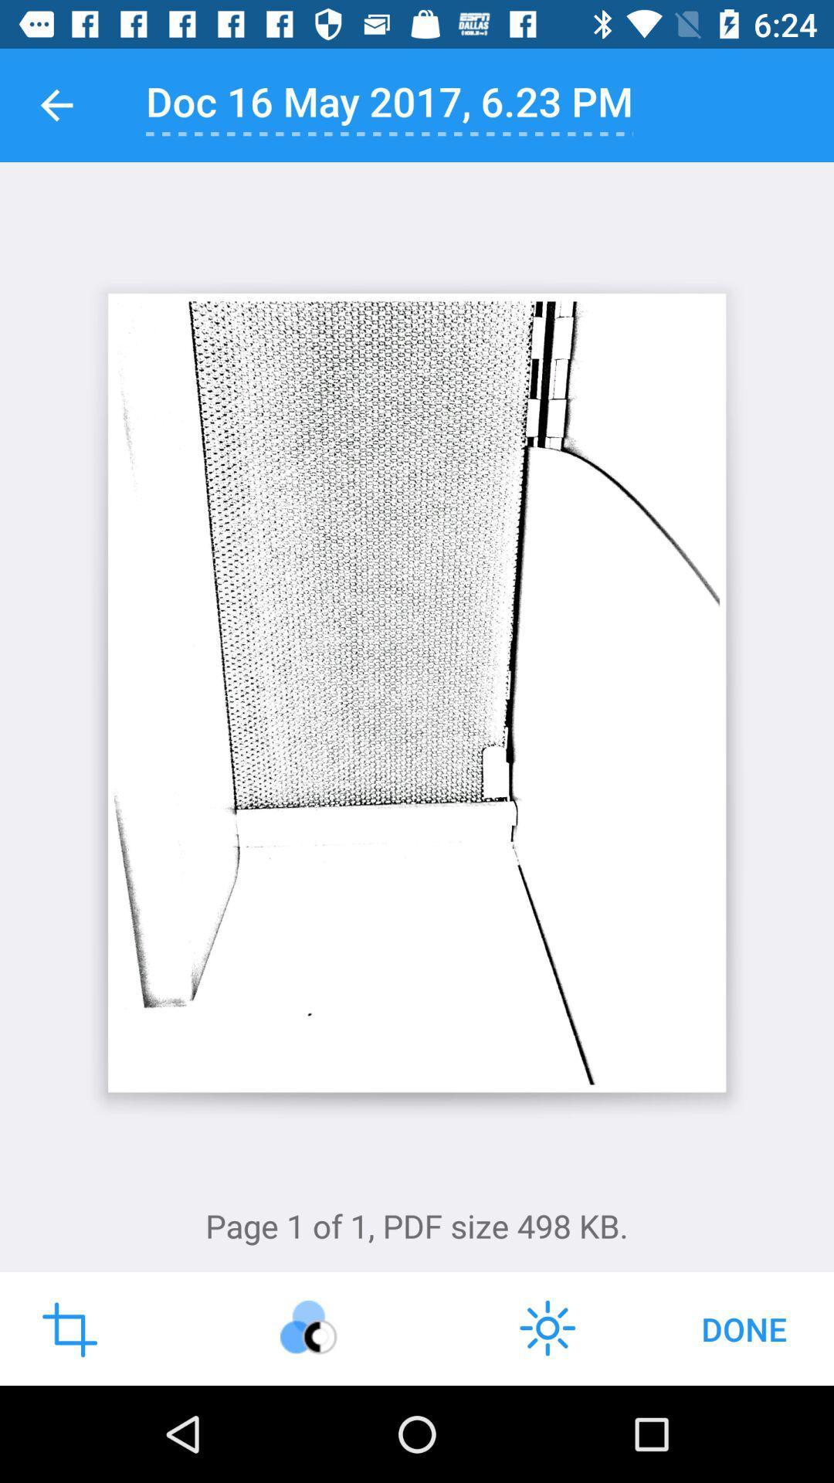 The height and width of the screenshot is (1483, 834). I want to click on the weather icon, so click(548, 1328).